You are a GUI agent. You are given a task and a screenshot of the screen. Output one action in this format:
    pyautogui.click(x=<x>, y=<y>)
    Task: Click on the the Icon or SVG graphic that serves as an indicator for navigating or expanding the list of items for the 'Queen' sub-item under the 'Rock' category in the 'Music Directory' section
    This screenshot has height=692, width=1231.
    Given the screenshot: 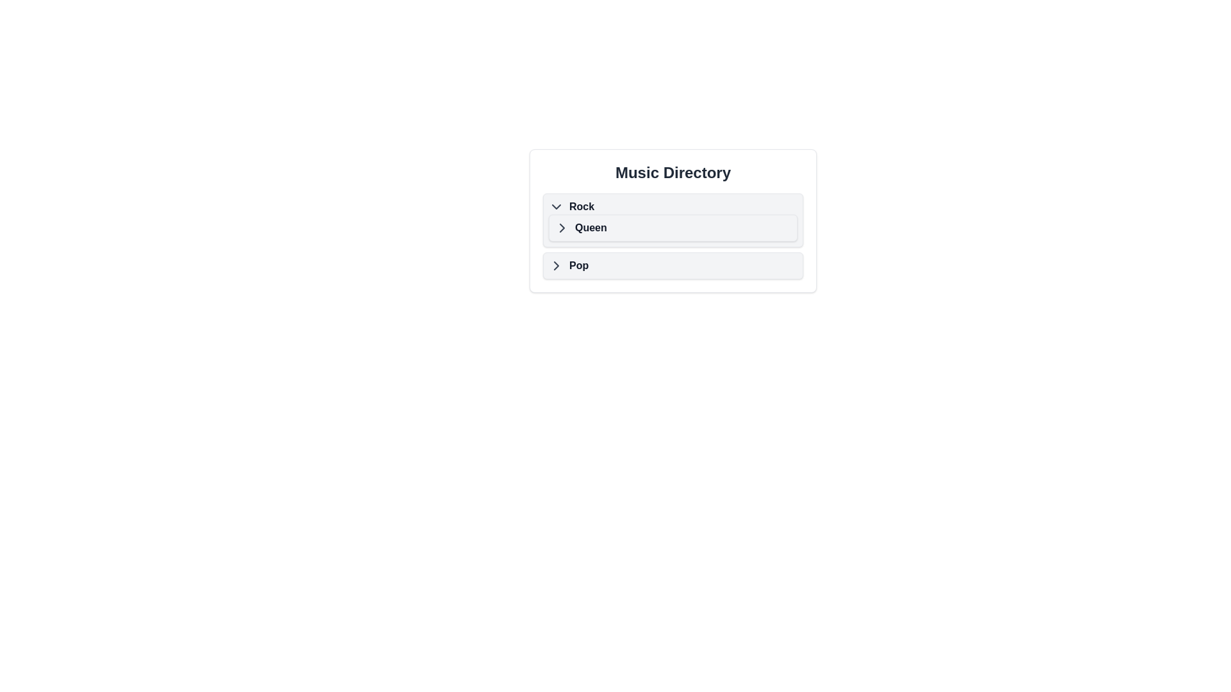 What is the action you would take?
    pyautogui.click(x=562, y=227)
    